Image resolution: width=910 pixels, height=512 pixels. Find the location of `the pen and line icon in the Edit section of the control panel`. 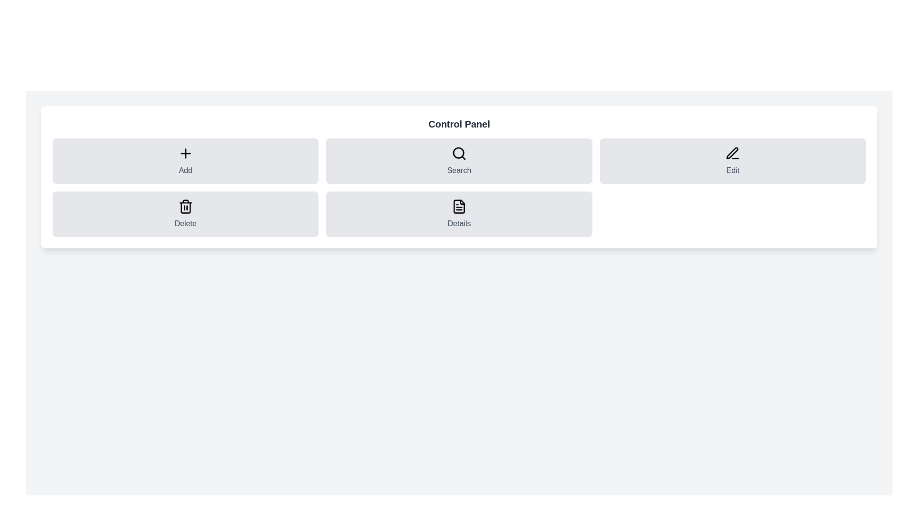

the pen and line icon in the Edit section of the control panel is located at coordinates (732, 153).